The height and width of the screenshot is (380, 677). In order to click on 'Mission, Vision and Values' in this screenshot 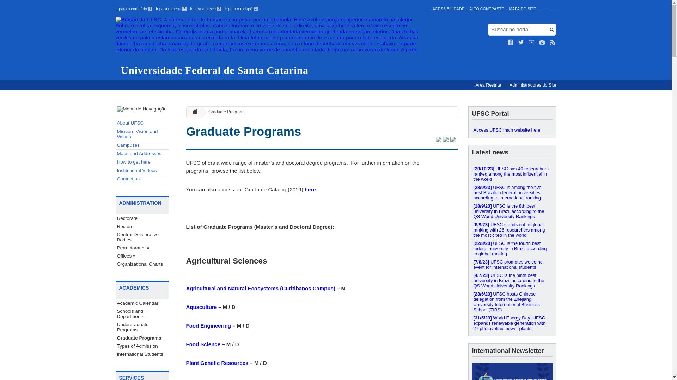, I will do `click(142, 134)`.